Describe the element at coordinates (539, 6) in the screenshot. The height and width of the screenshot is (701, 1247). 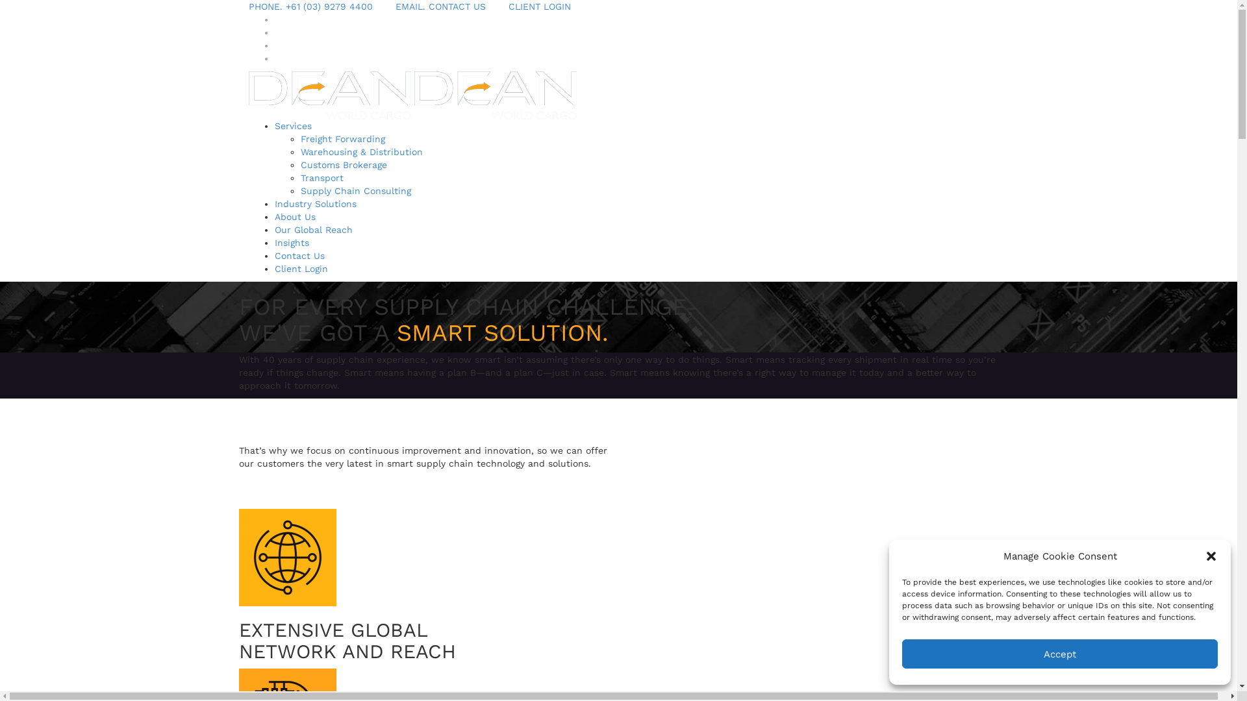
I see `'CLIENT LOGIN'` at that location.